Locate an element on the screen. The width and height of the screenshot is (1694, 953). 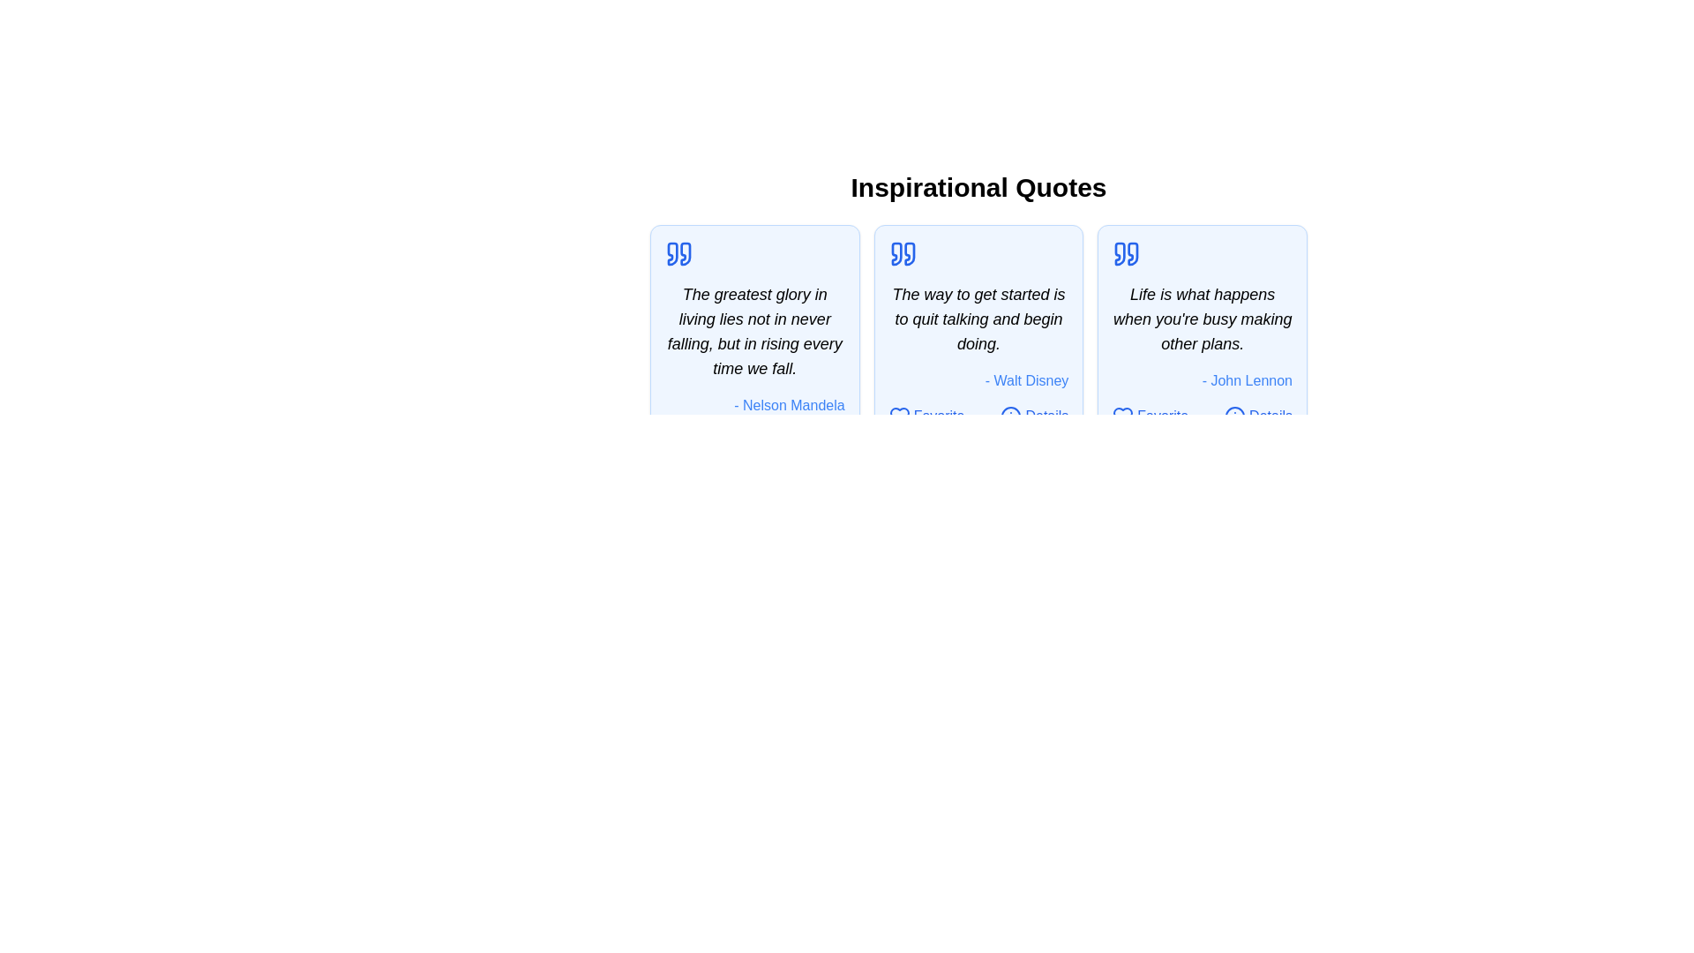
the blue quotation mark icon located in the top-left corner of the rightmost card displaying a quote is located at coordinates (1120, 254).